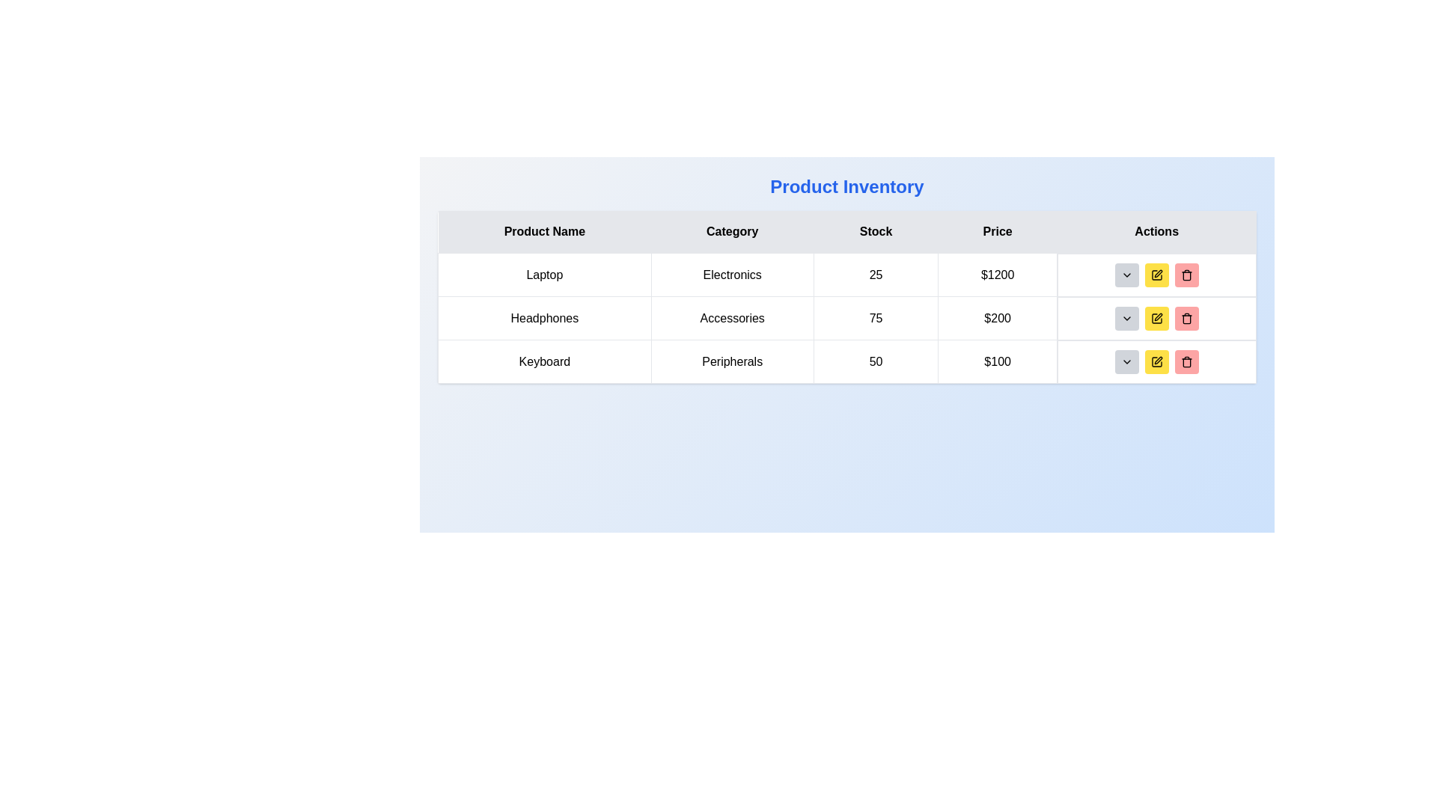 The height and width of the screenshot is (808, 1437). What do you see at coordinates (1186, 275) in the screenshot?
I see `the delete IconButton located in the 'Actions' column of the first row in the table` at bounding box center [1186, 275].